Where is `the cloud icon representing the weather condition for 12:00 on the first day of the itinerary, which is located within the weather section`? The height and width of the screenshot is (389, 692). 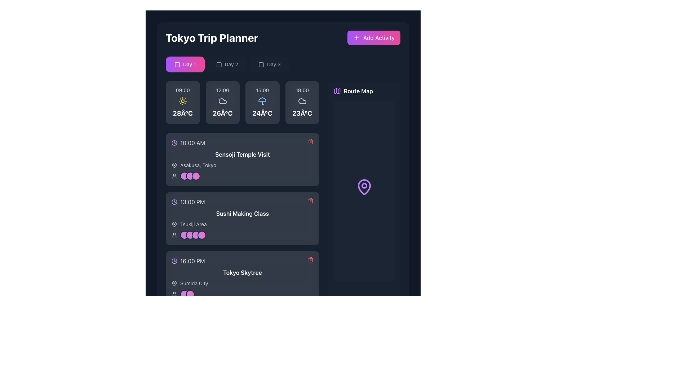
the cloud icon representing the weather condition for 12:00 on the first day of the itinerary, which is located within the weather section is located at coordinates (222, 101).